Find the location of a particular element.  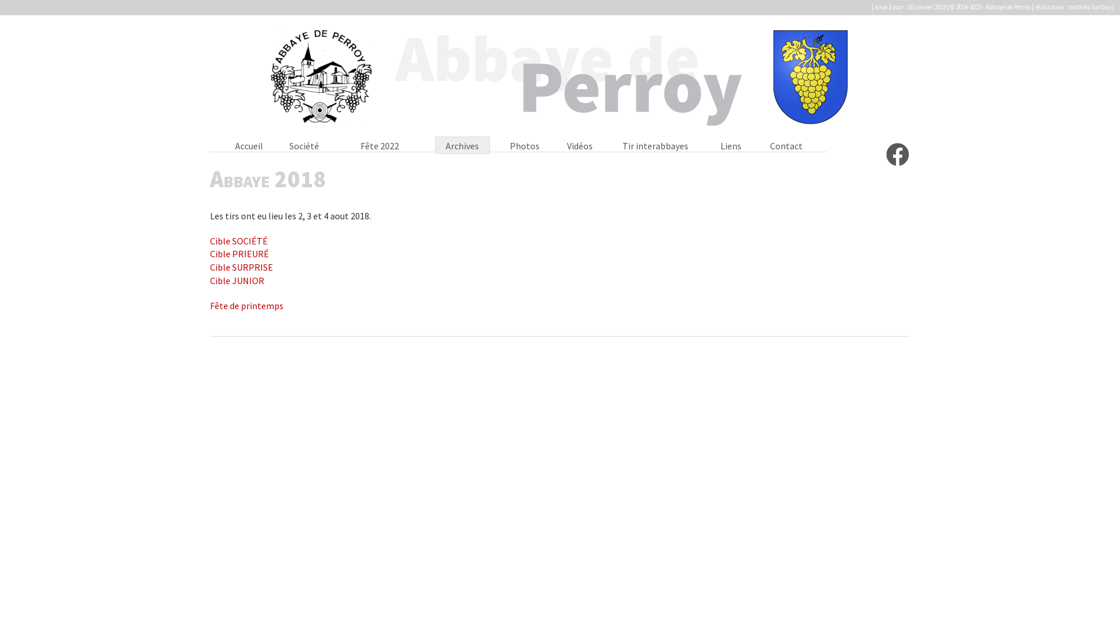

'mathieu barbay' is located at coordinates (1067, 6).